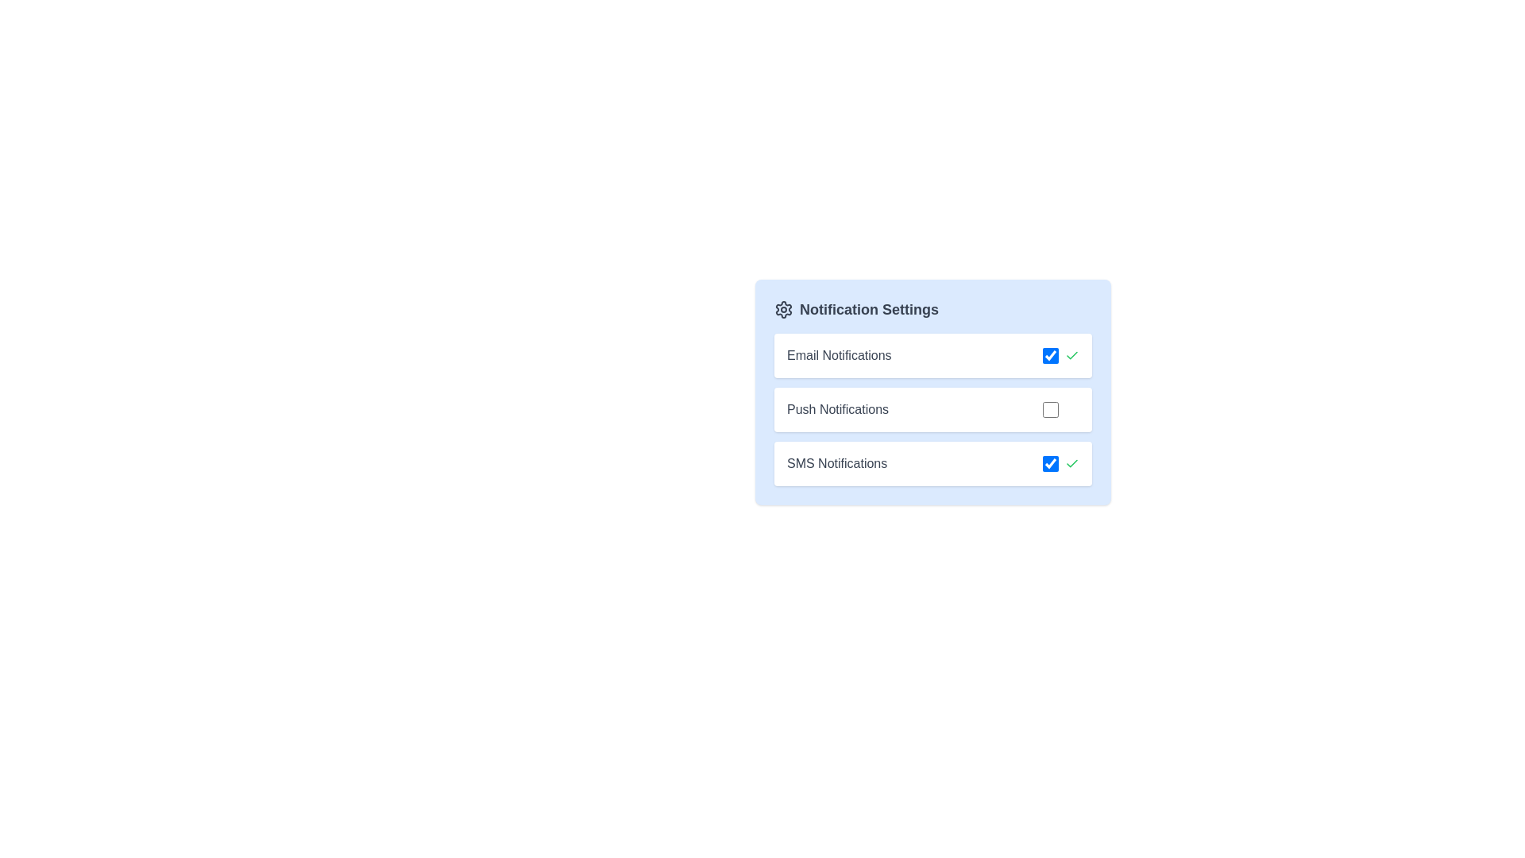  What do you see at coordinates (868, 309) in the screenshot?
I see `text label that serves as a header for the notification settings section, located at the top left of the settings options box, right of the settings icon` at bounding box center [868, 309].